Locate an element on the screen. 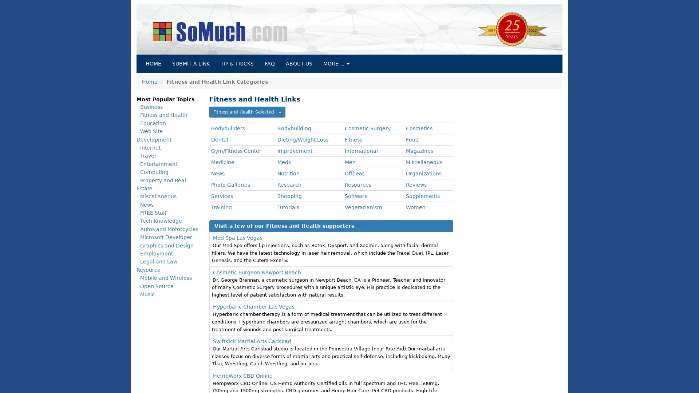 The image size is (699, 393). Fitness and Health Selected is located at coordinates (247, 112).